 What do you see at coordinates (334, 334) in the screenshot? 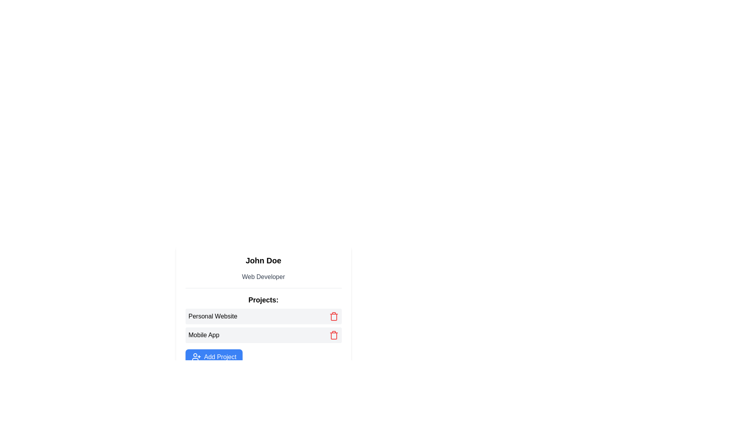
I see `the delete button positioned to the far right of the 'Mobile App' entry` at bounding box center [334, 334].